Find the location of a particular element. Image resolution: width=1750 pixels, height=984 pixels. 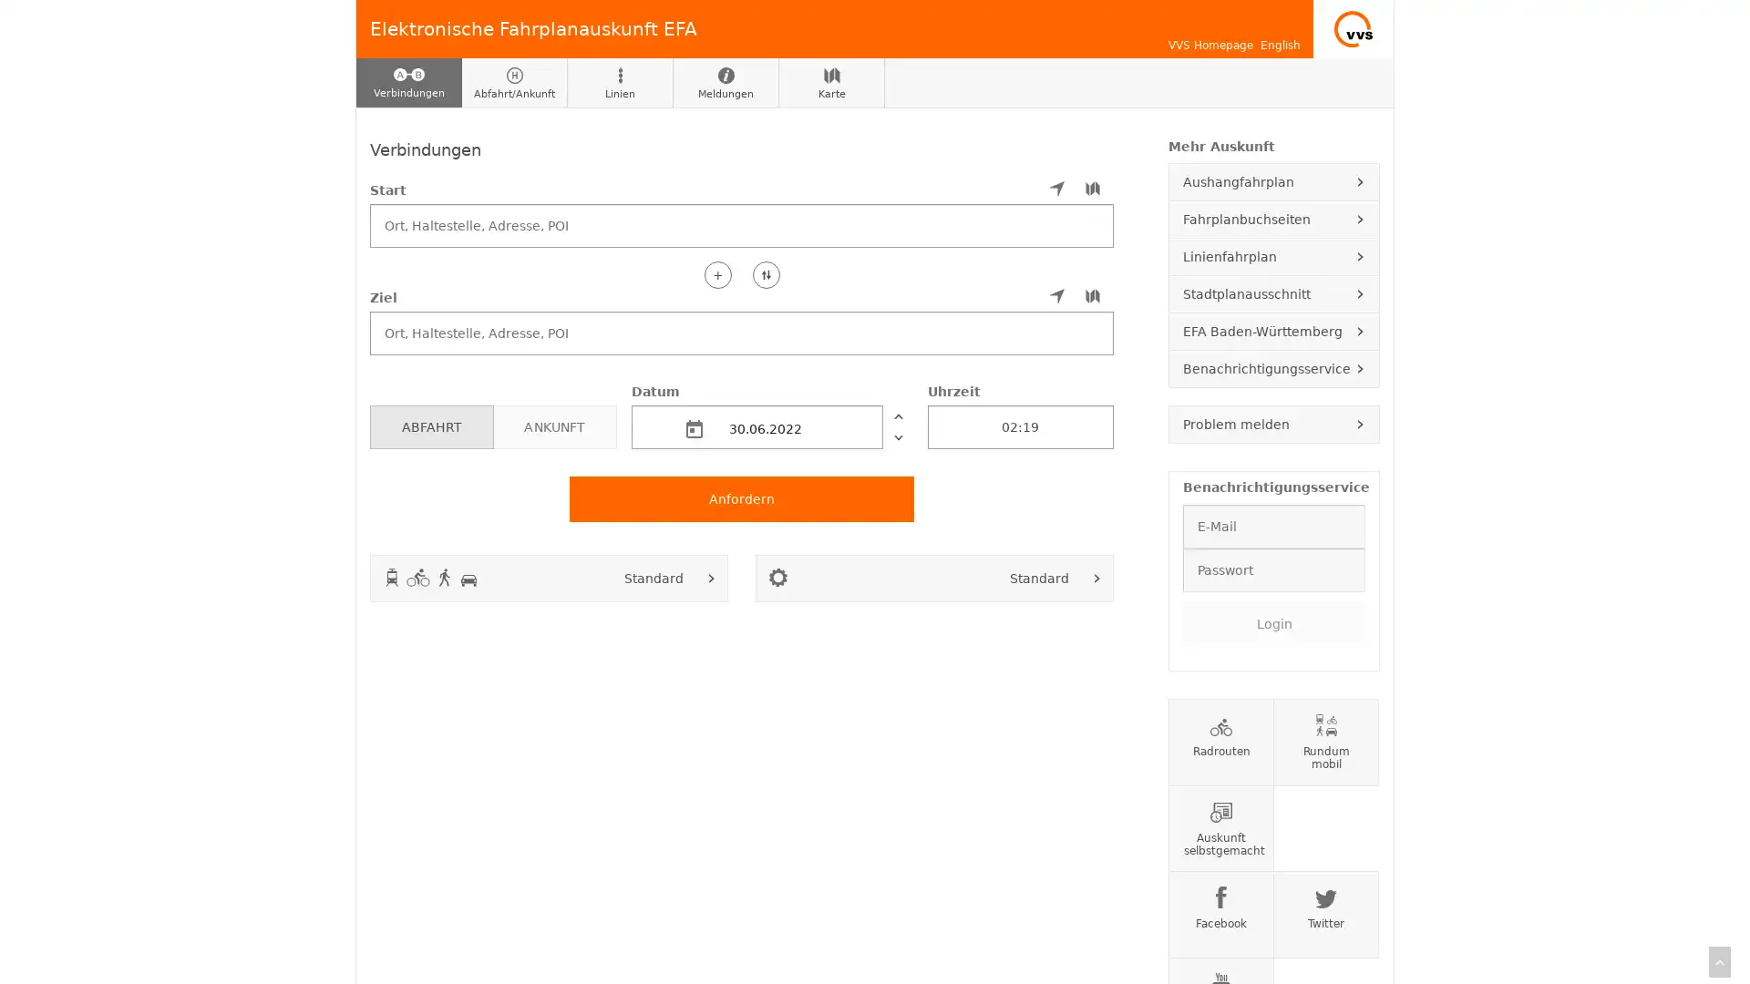

md-calendar is located at coordinates (694, 428).